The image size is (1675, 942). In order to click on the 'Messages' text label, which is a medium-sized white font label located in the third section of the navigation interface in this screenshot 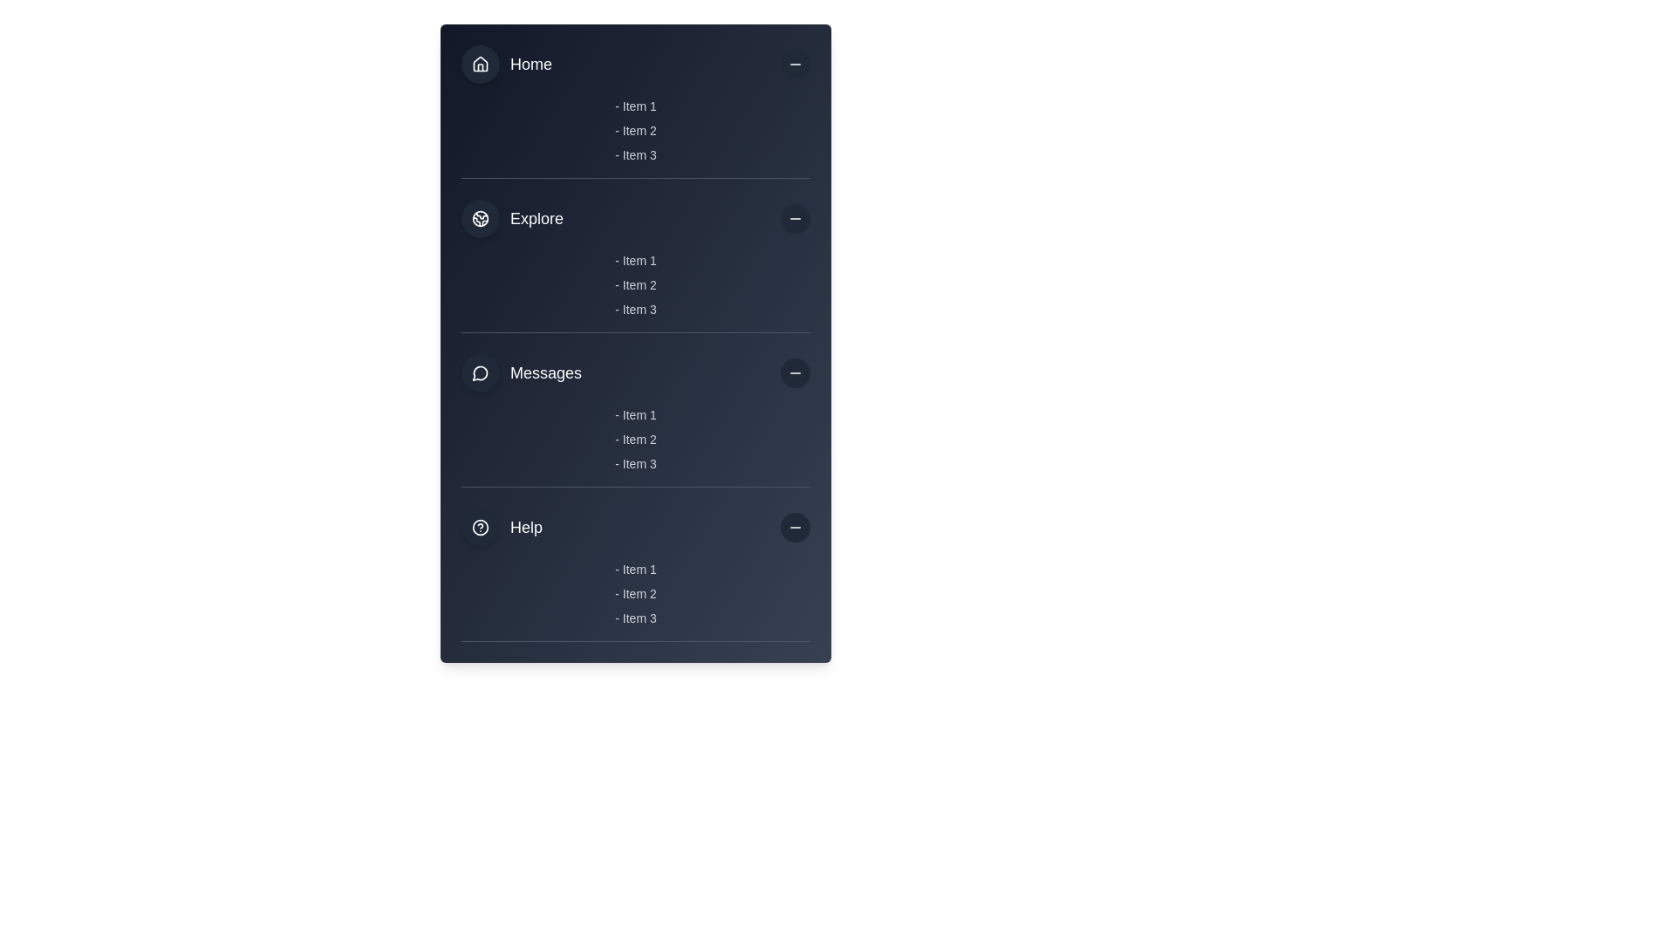, I will do `click(545, 372)`.